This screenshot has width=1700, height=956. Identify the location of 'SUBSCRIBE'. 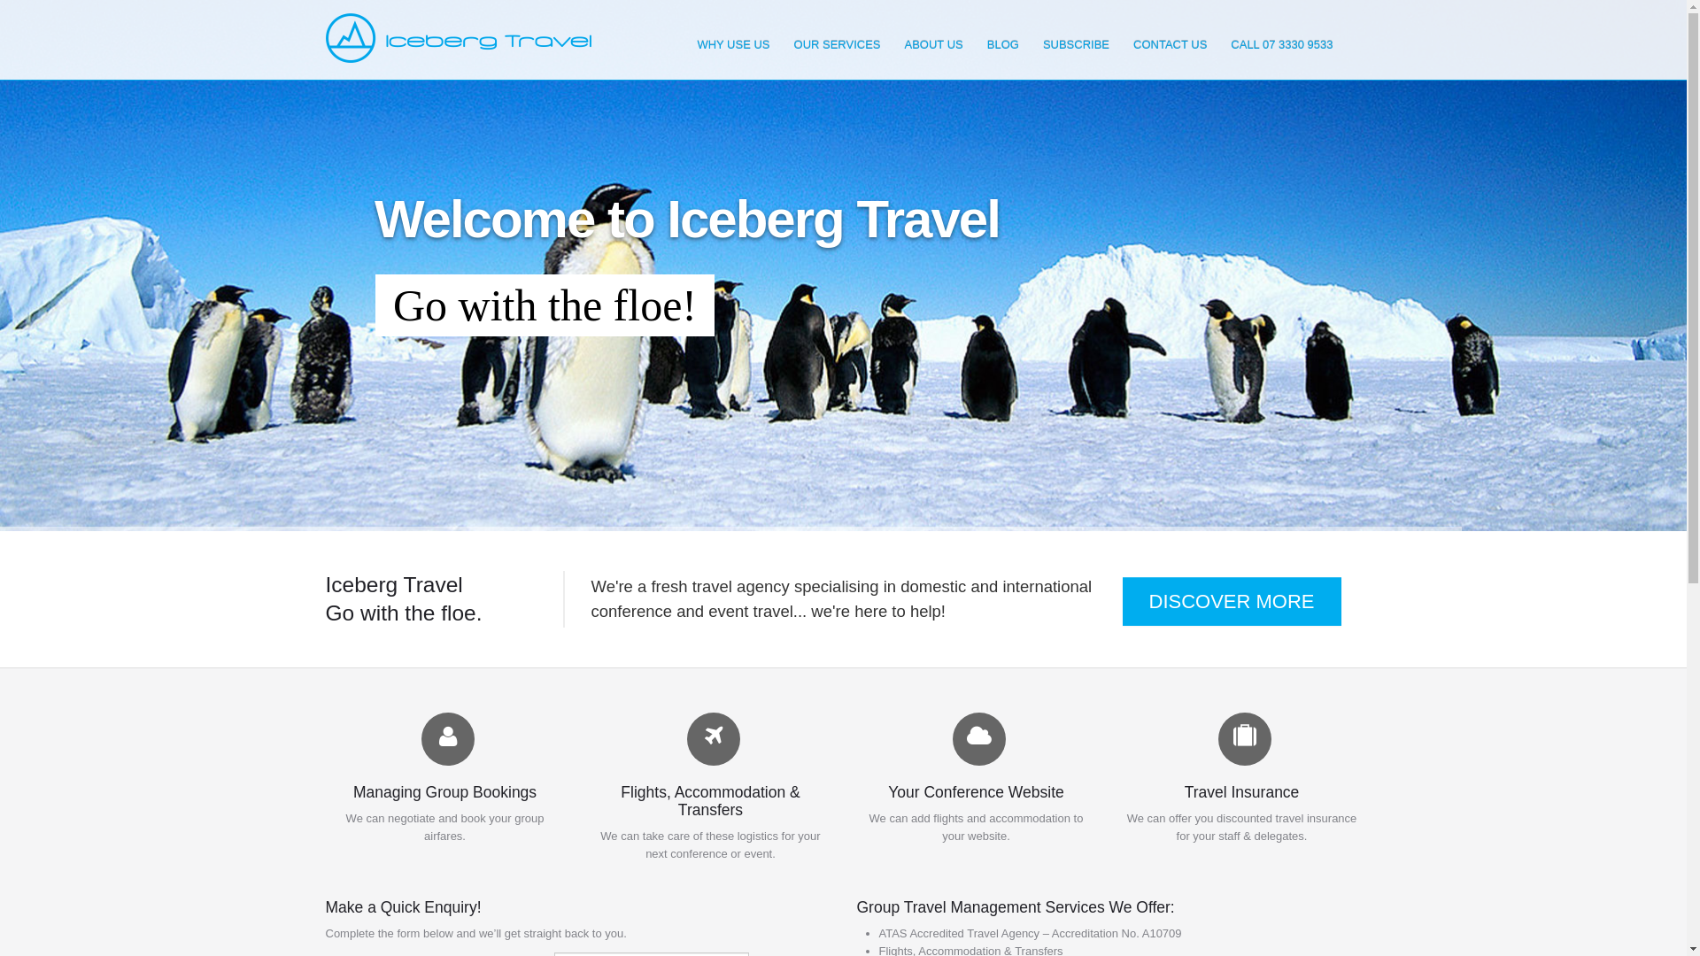
(1075, 43).